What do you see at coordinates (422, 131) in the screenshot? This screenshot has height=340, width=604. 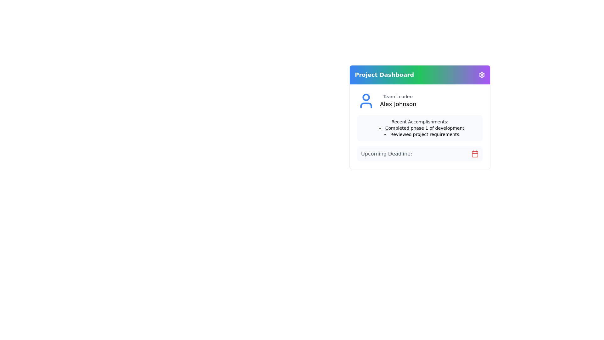 I see `the bulleted list displaying recent accomplishments, which includes the items 'Completed phase 1 of development.' and 'Reviewed project requirements.'` at bounding box center [422, 131].